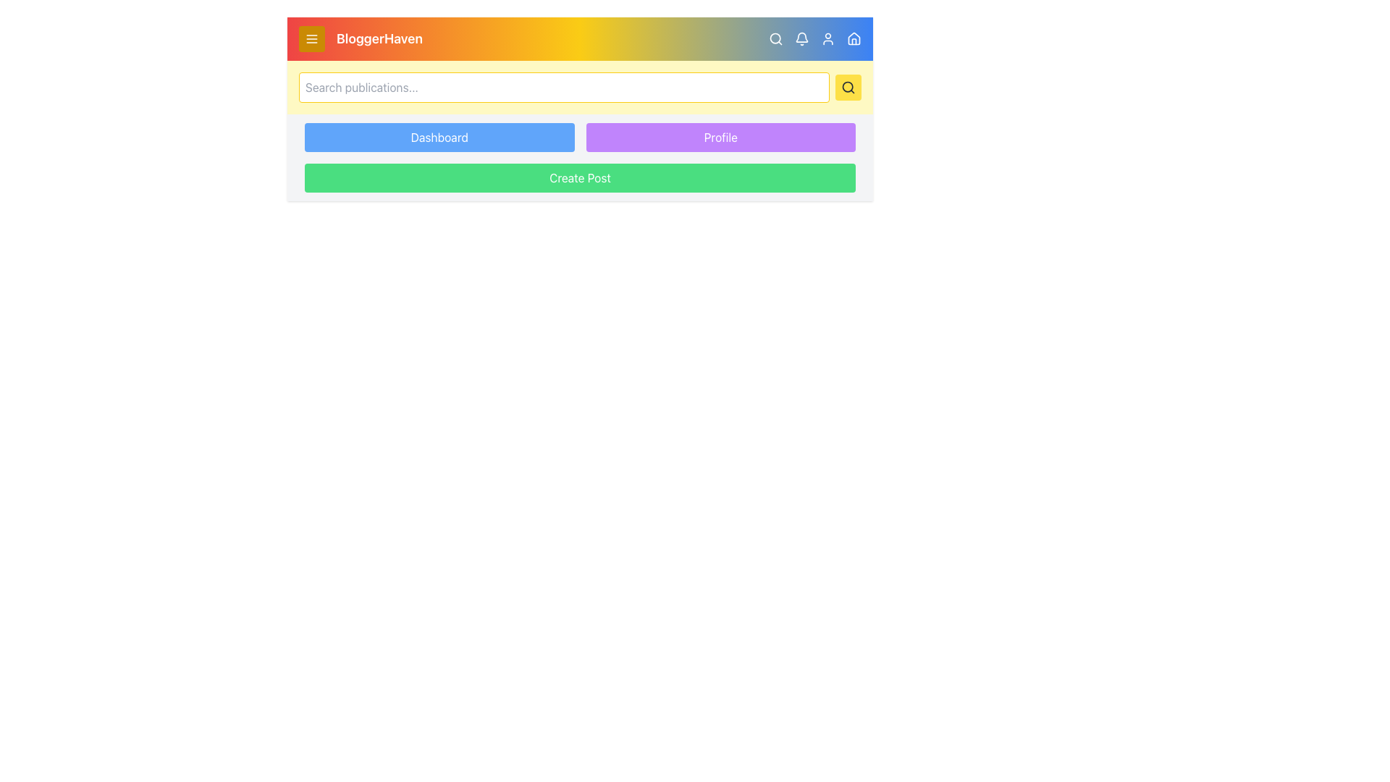  I want to click on the 'Dashboard' button located beneath the search bar and above the 'Create Post' button, so click(439, 137).